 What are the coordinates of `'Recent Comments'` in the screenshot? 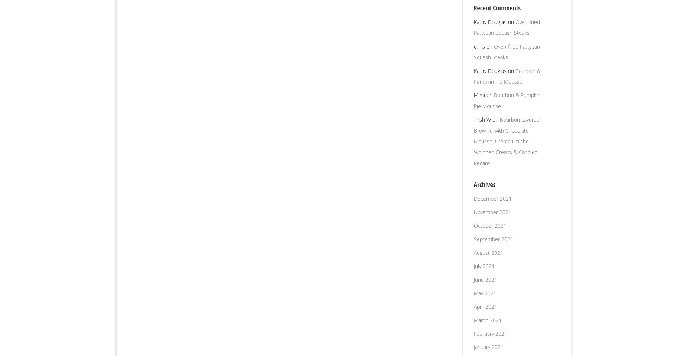 It's located at (473, 7).